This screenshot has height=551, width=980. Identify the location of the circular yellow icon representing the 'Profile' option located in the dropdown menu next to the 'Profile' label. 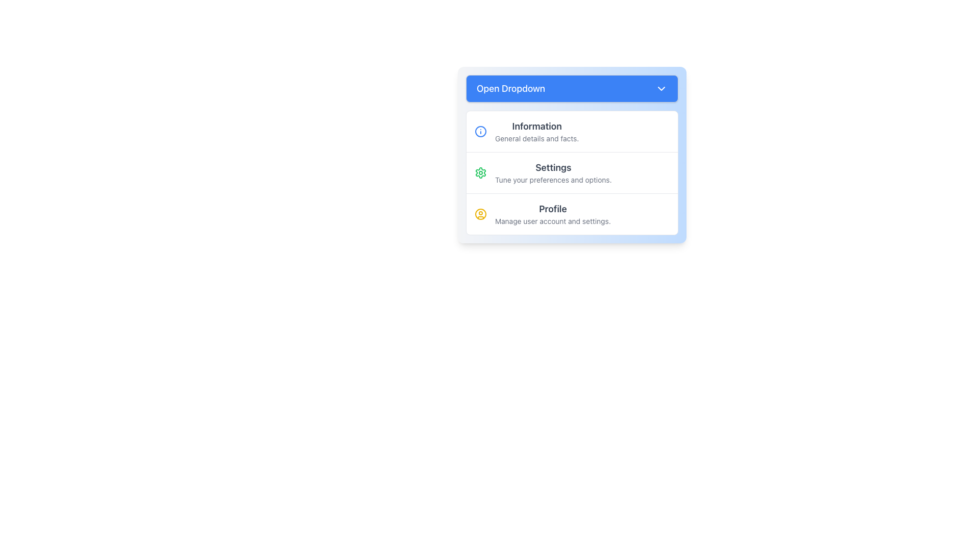
(480, 214).